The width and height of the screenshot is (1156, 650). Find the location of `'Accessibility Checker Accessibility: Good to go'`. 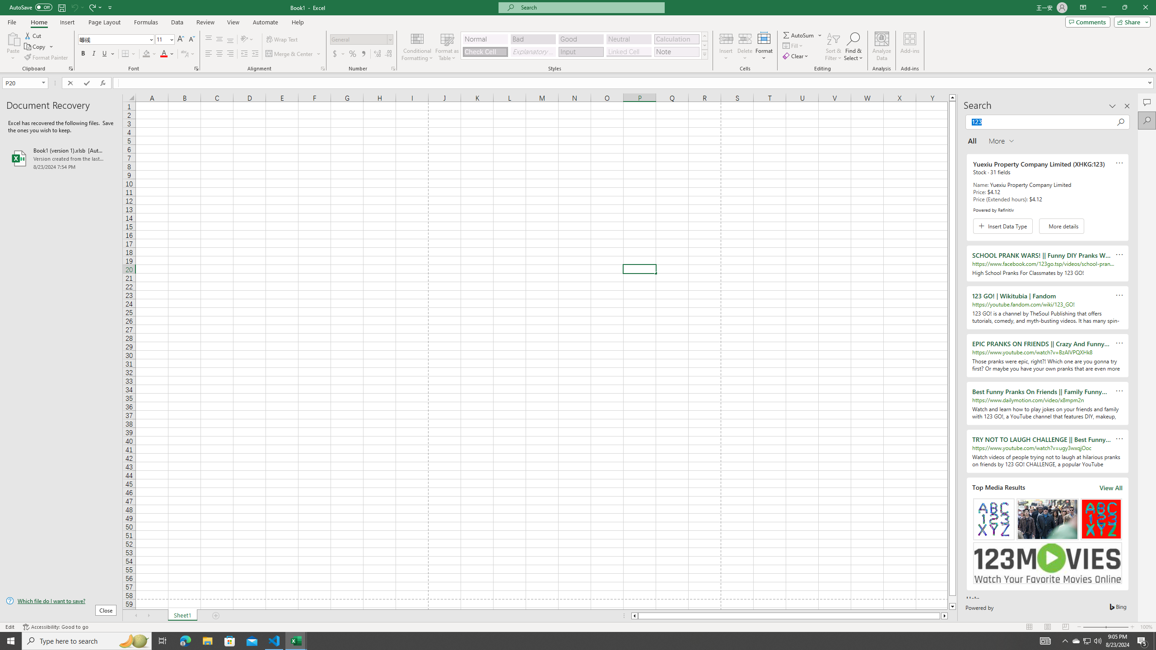

'Accessibility Checker Accessibility: Good to go' is located at coordinates (56, 627).